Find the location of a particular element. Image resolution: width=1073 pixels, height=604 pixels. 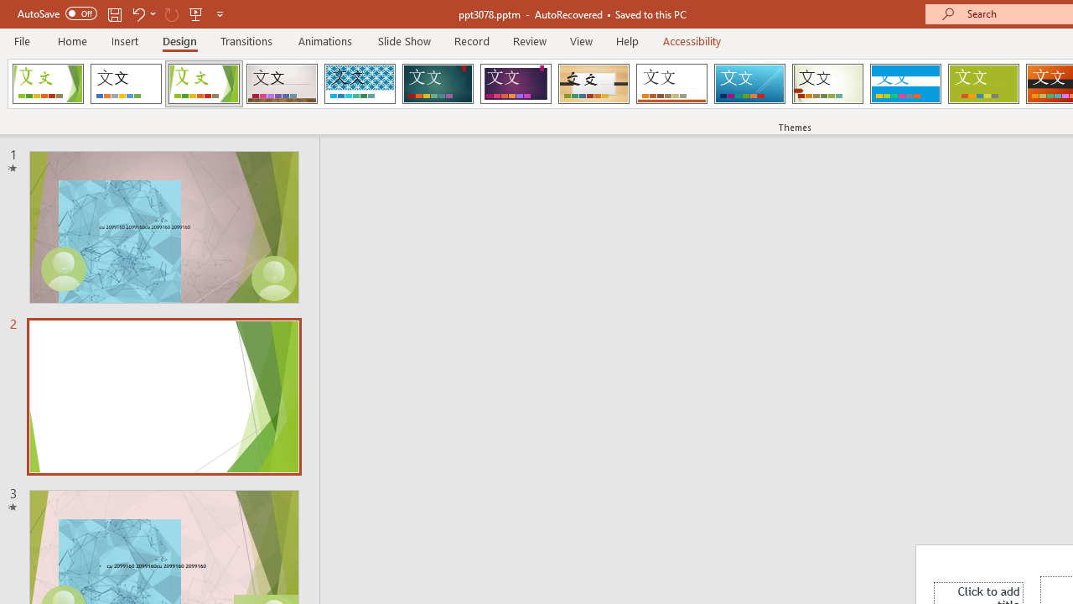

'Banded' is located at coordinates (905, 84).